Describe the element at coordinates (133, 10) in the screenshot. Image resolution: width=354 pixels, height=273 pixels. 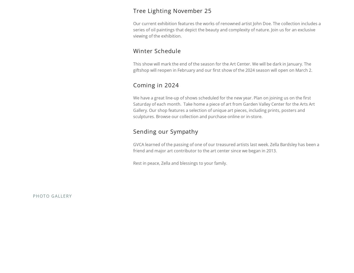
I see `'Tree Lighting November 25'` at that location.